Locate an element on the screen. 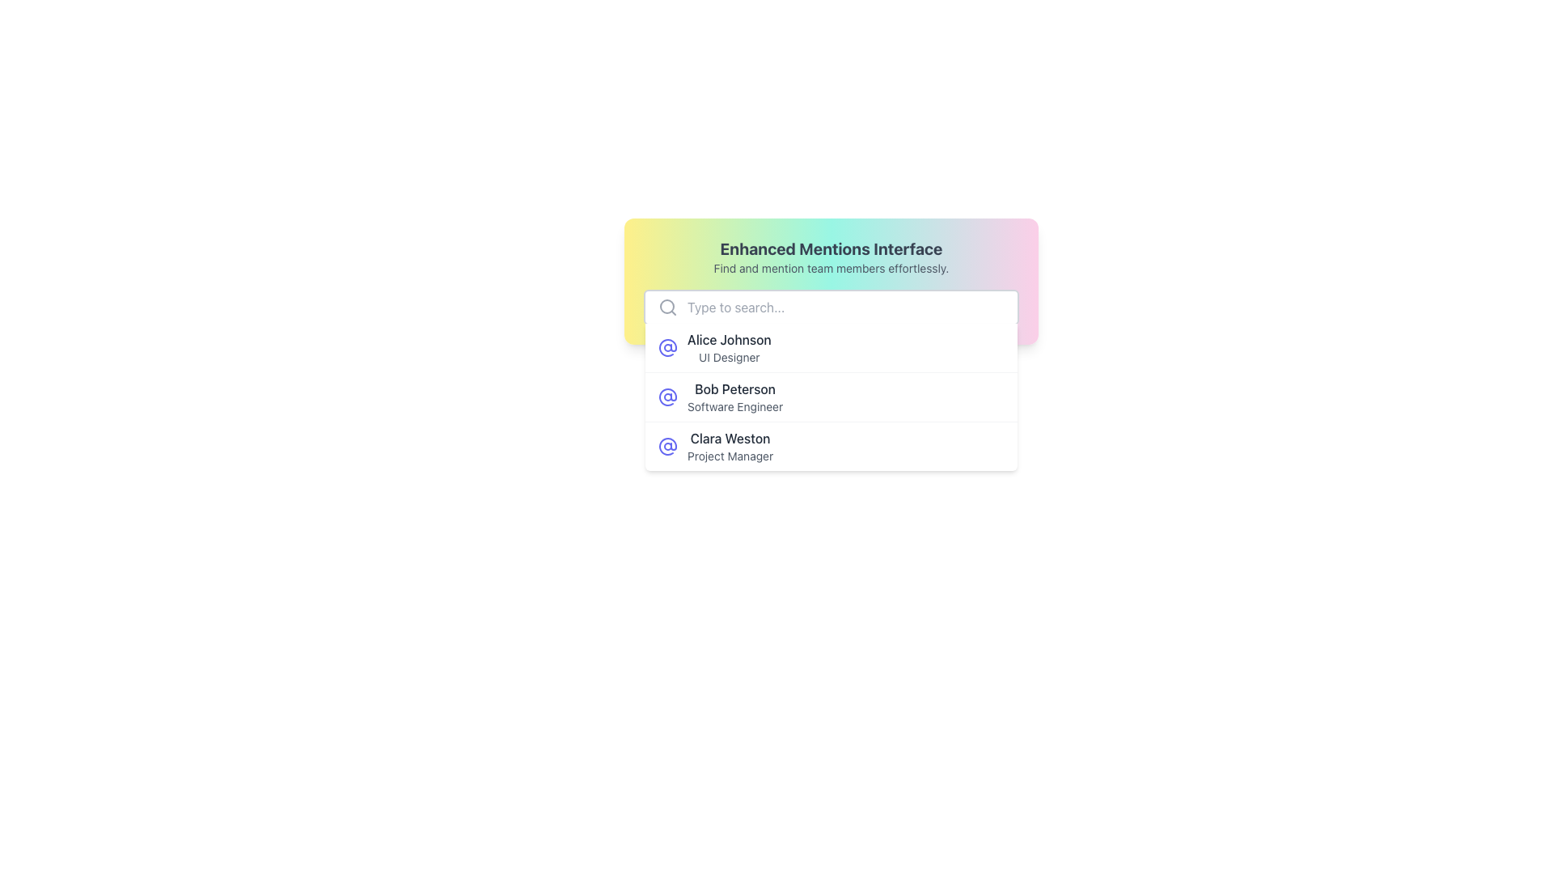 Image resolution: width=1553 pixels, height=874 pixels. the selectable list item for 'Bob Peterson' is located at coordinates (831, 397).